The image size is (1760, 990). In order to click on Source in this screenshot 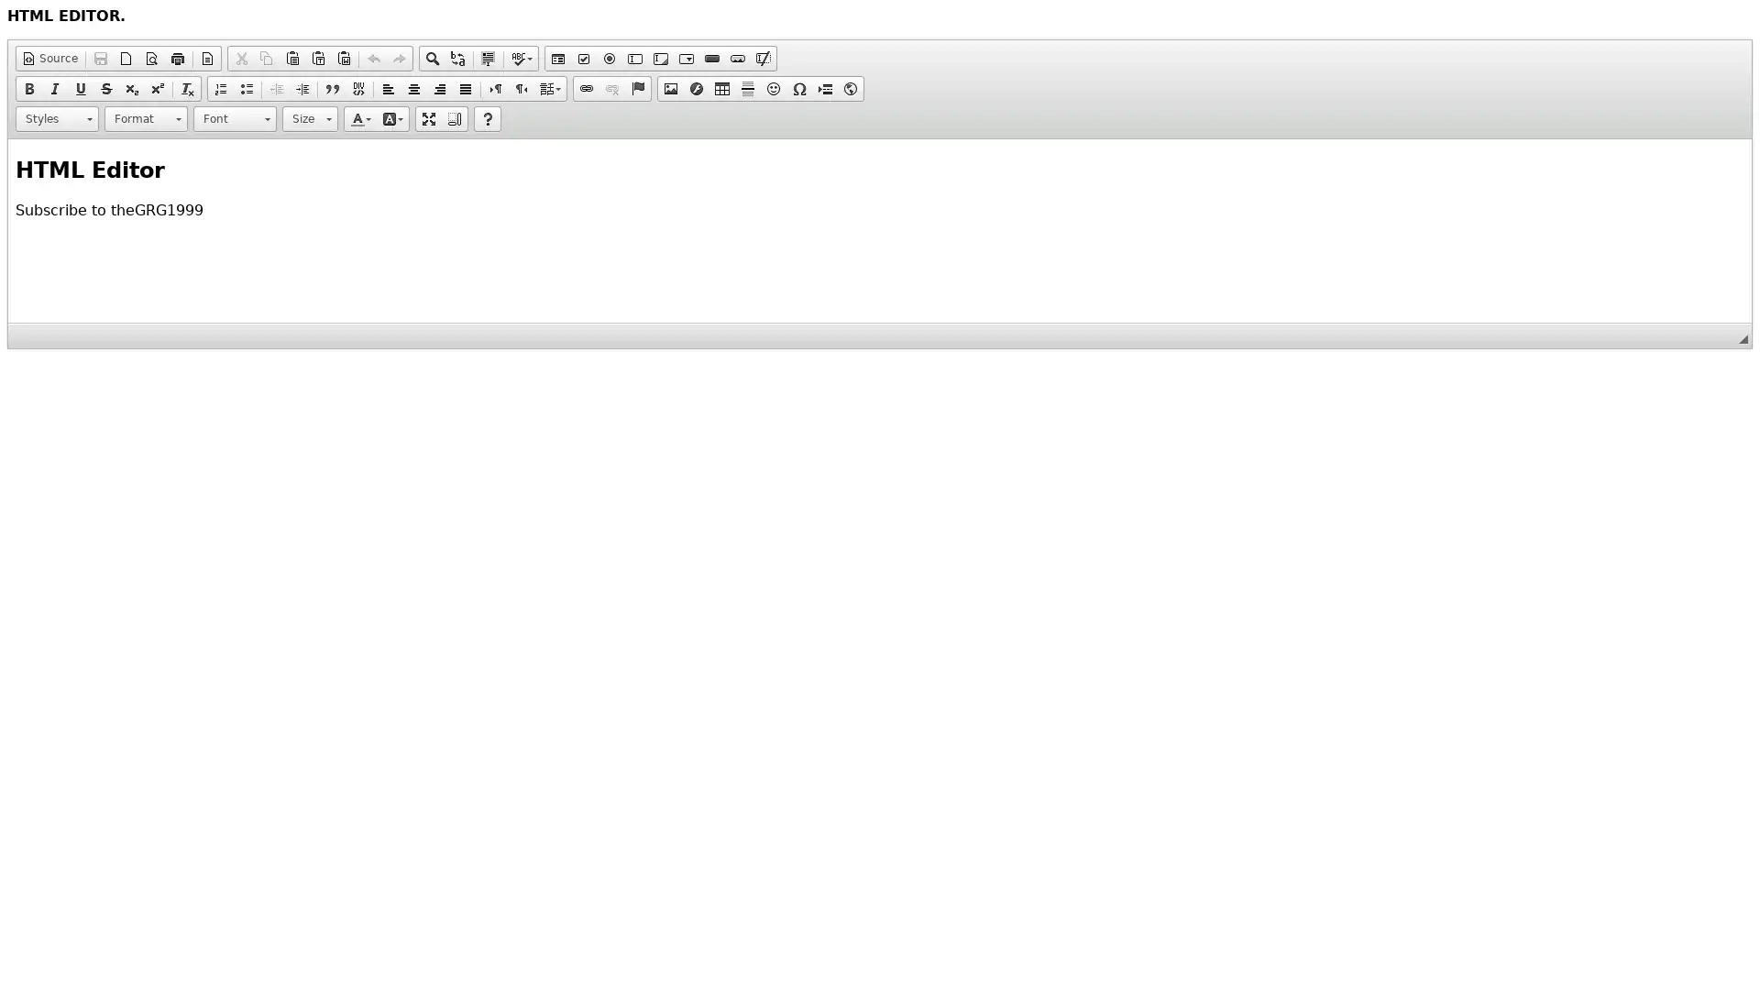, I will do `click(49, 58)`.